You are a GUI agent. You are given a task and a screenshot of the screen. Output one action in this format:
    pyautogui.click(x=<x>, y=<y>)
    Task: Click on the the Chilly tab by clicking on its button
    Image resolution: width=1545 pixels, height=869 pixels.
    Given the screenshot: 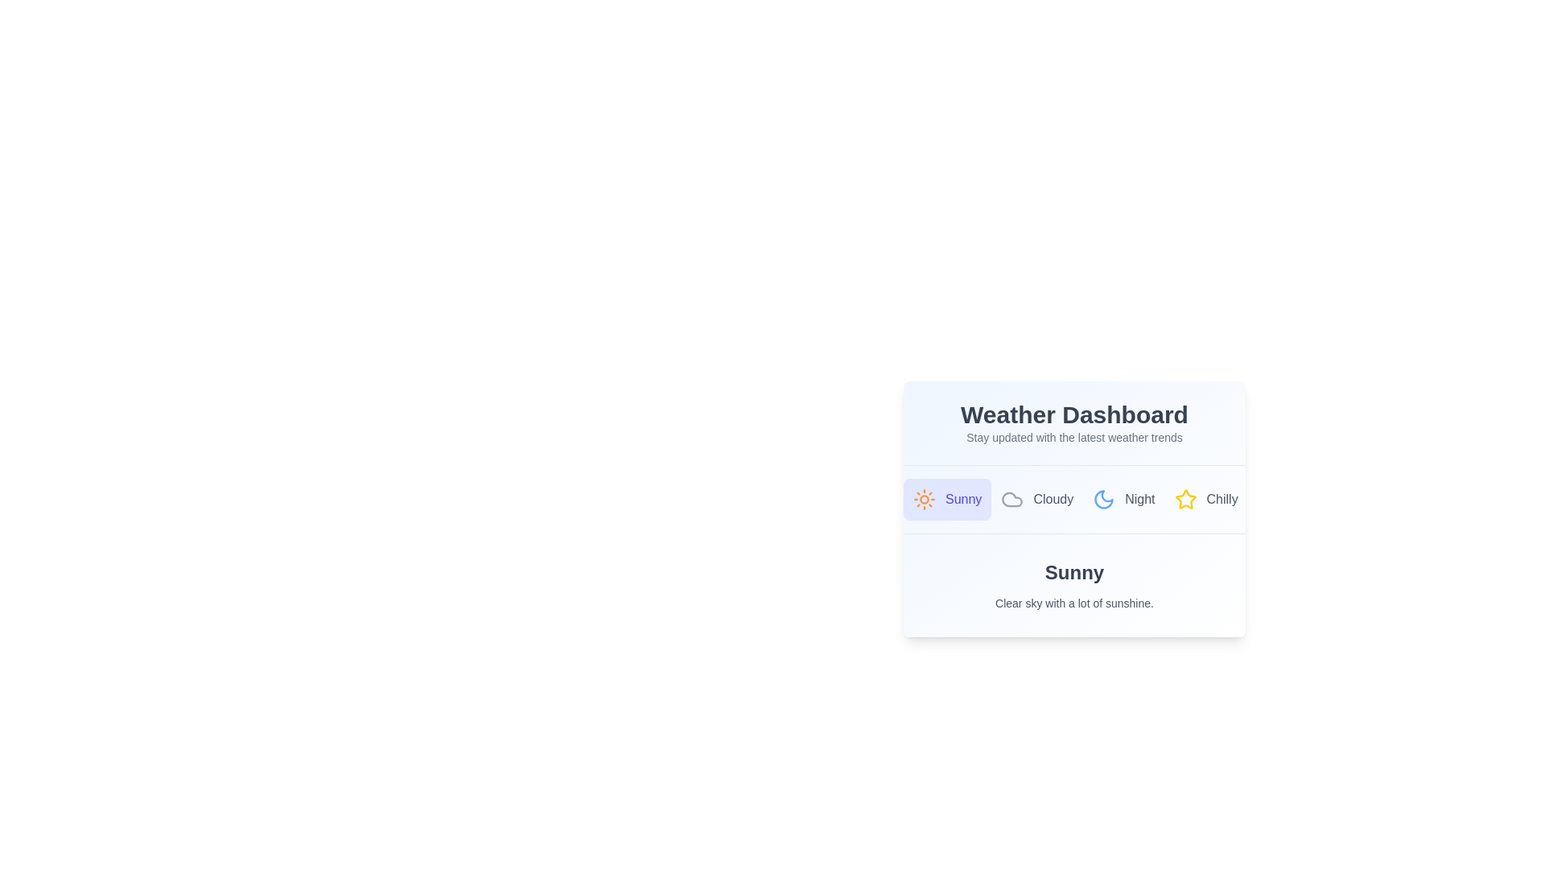 What is the action you would take?
    pyautogui.click(x=1206, y=499)
    